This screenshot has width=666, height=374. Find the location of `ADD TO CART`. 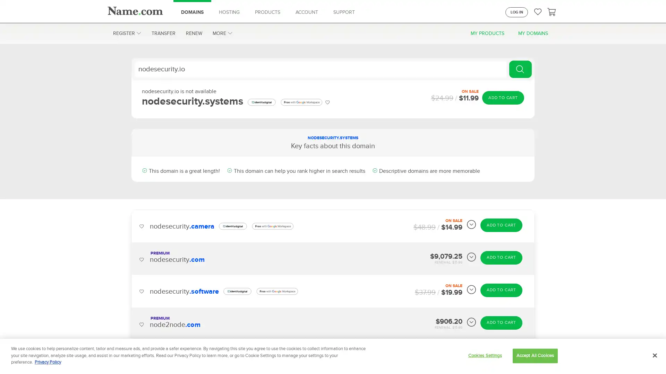

ADD TO CART is located at coordinates (501, 225).